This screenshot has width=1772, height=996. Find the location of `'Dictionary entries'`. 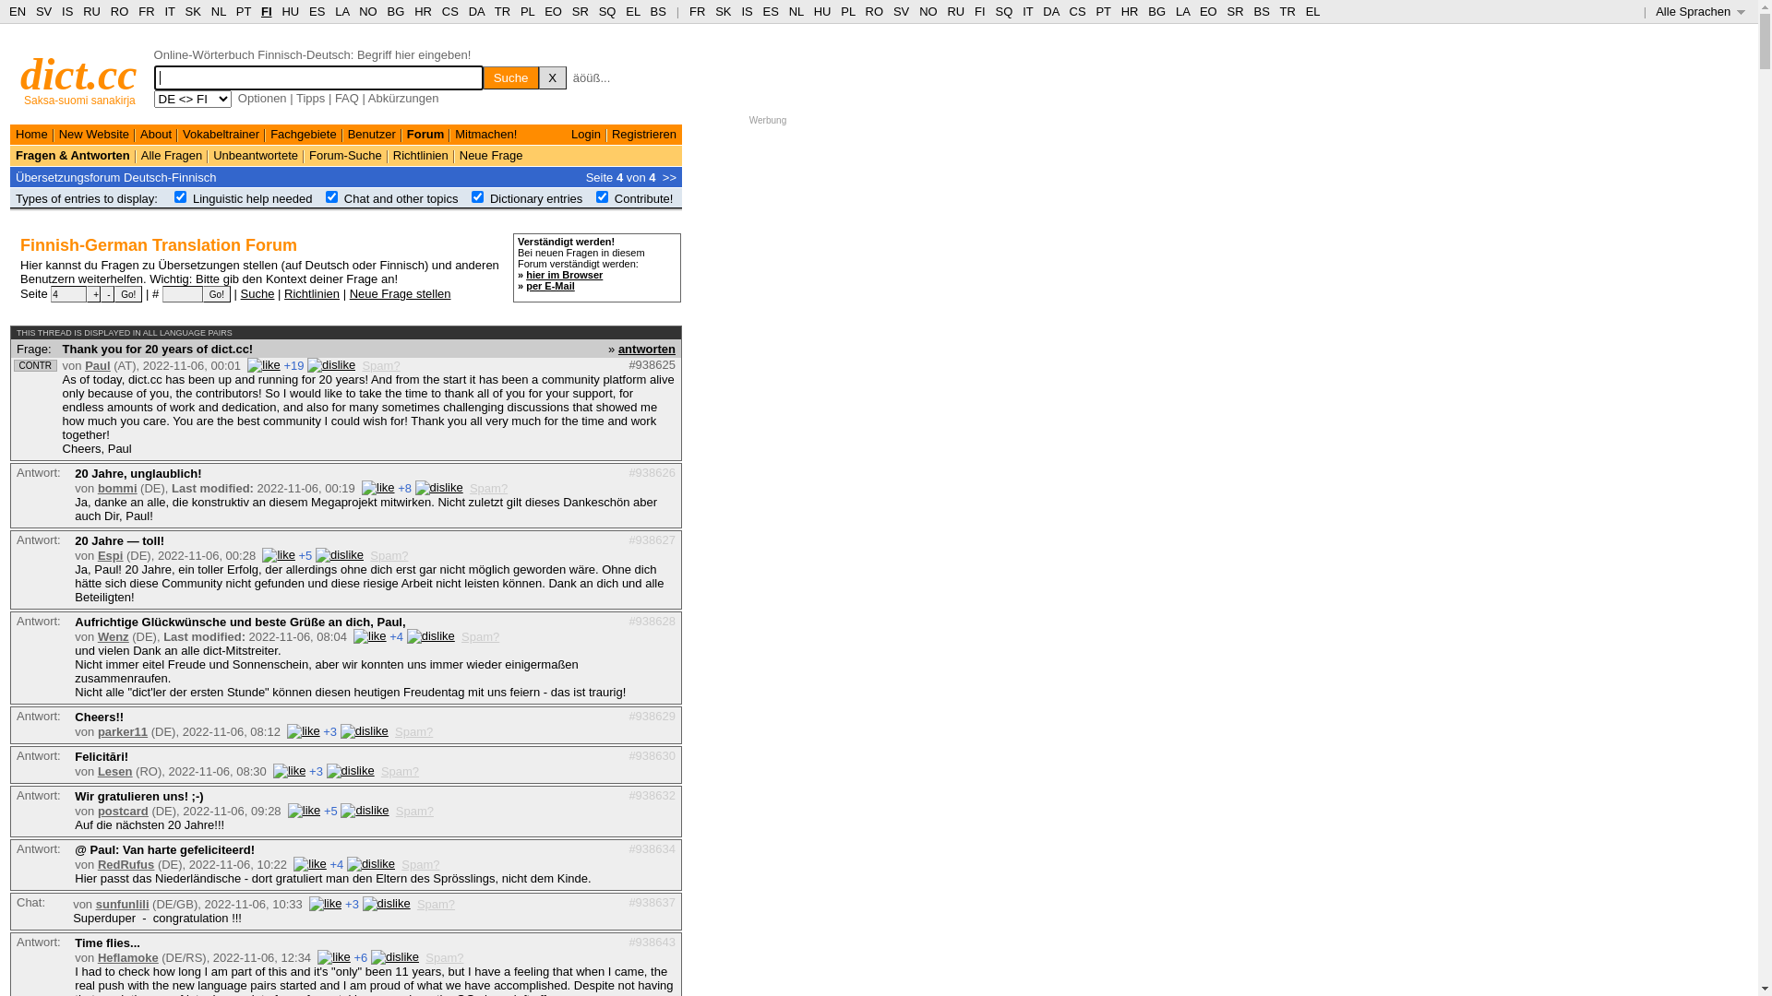

'Dictionary entries' is located at coordinates (534, 198).